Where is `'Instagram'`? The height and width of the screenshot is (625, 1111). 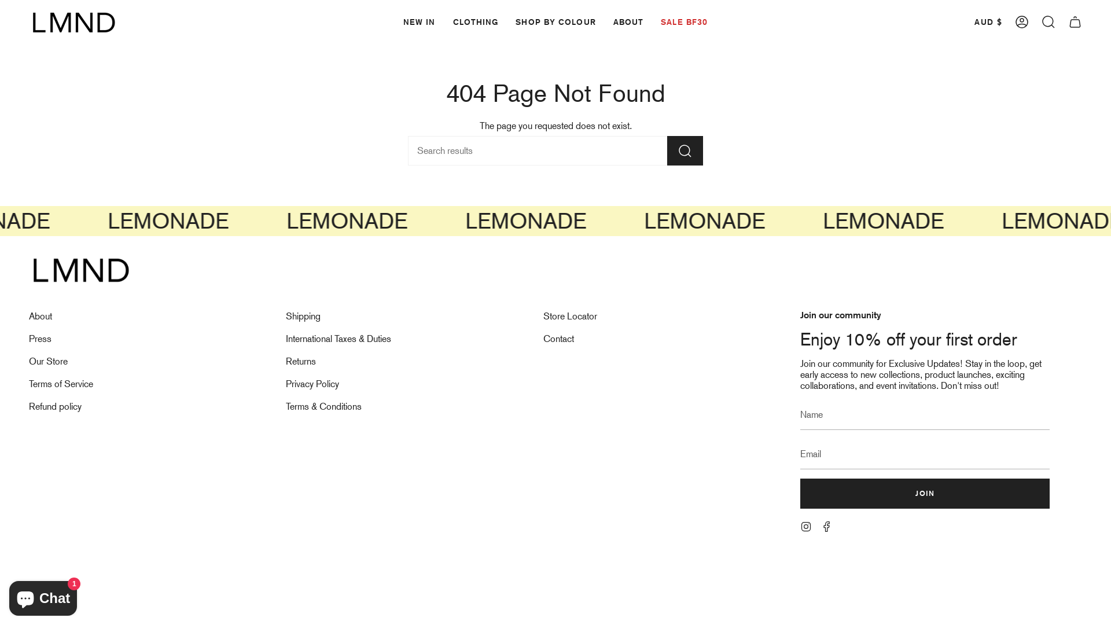 'Instagram' is located at coordinates (805, 525).